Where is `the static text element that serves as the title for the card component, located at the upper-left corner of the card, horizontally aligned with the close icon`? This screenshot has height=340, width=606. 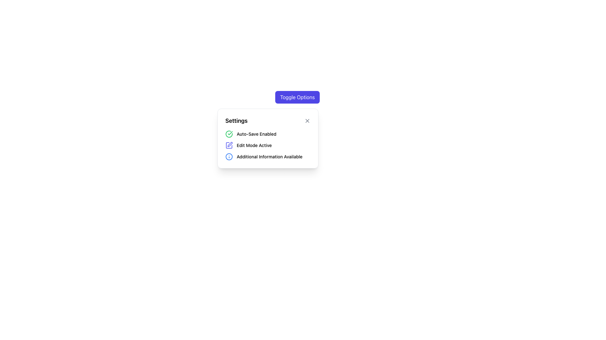 the static text element that serves as the title for the card component, located at the upper-left corner of the card, horizontally aligned with the close icon is located at coordinates (236, 121).